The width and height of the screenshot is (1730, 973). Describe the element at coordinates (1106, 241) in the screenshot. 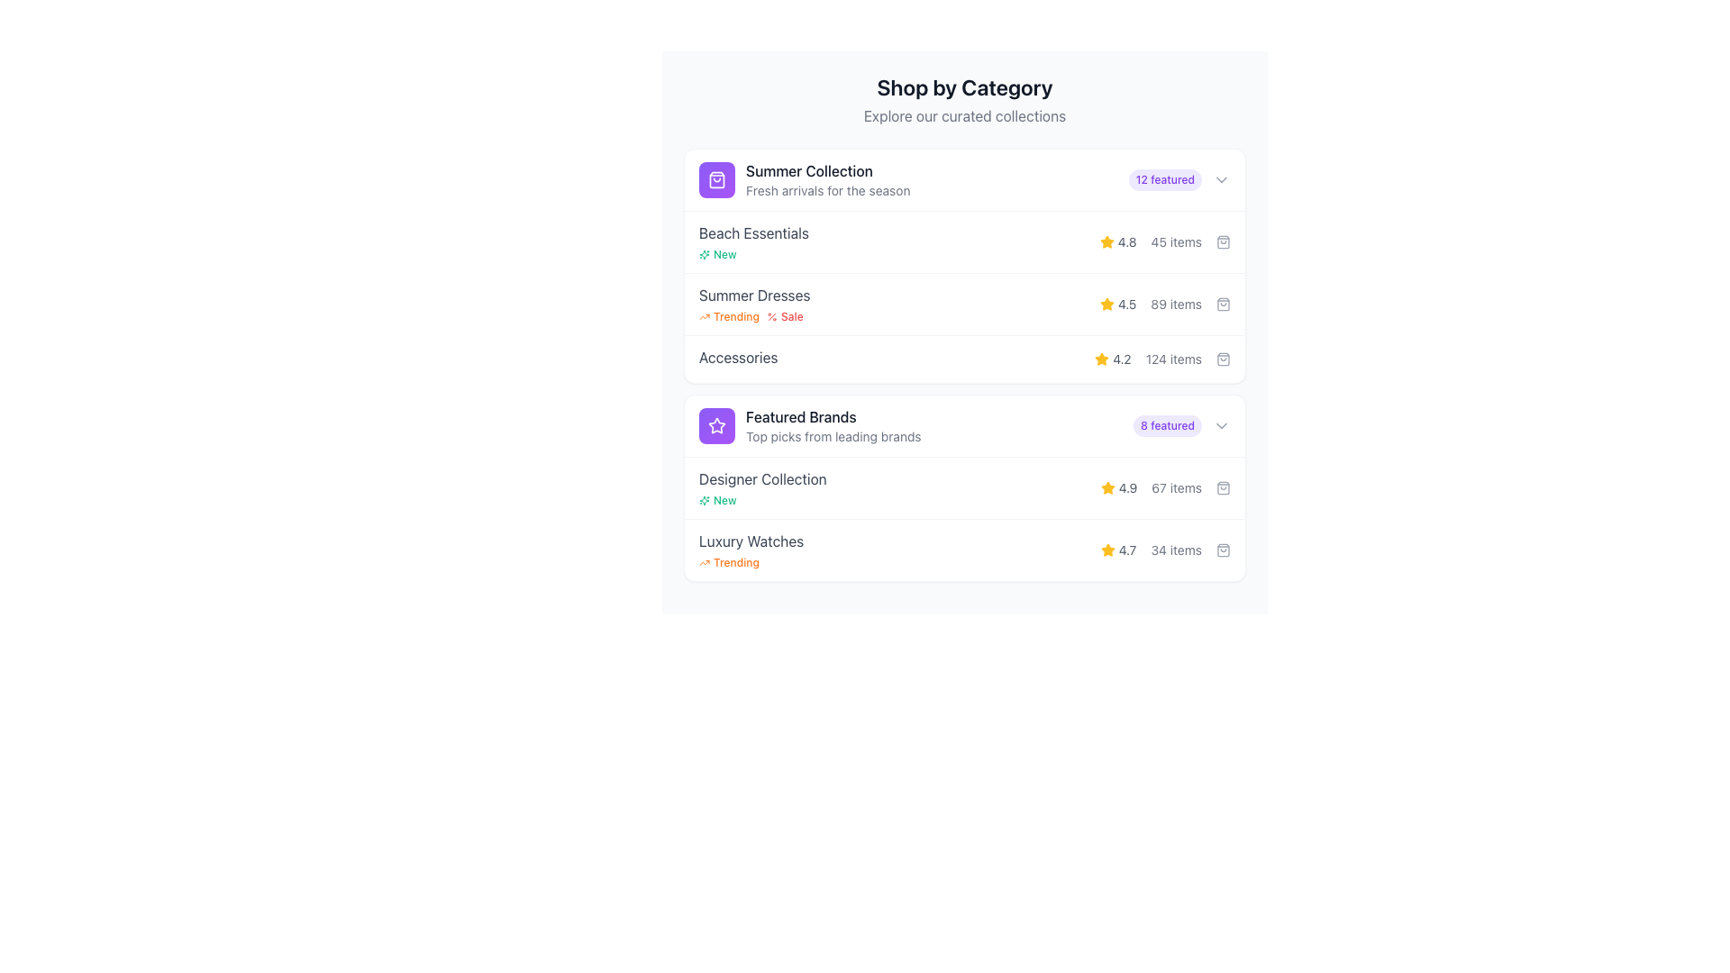

I see `the star icon representing the rating of '4.8' in the 'Beach Essentials' section of the 'Shop by Category'` at that location.